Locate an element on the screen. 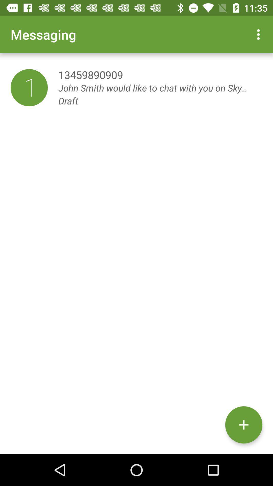 This screenshot has width=273, height=486. the item below the messaging item is located at coordinates (29, 88).